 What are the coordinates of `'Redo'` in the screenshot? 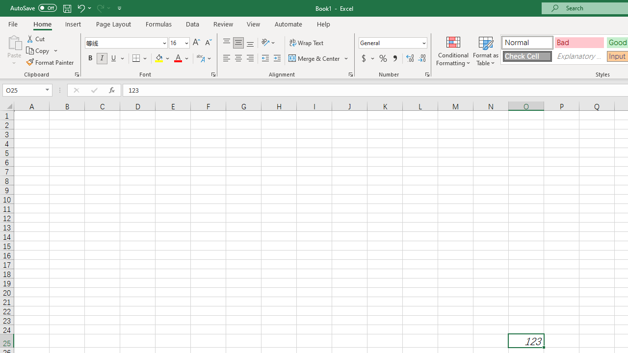 It's located at (103, 8).